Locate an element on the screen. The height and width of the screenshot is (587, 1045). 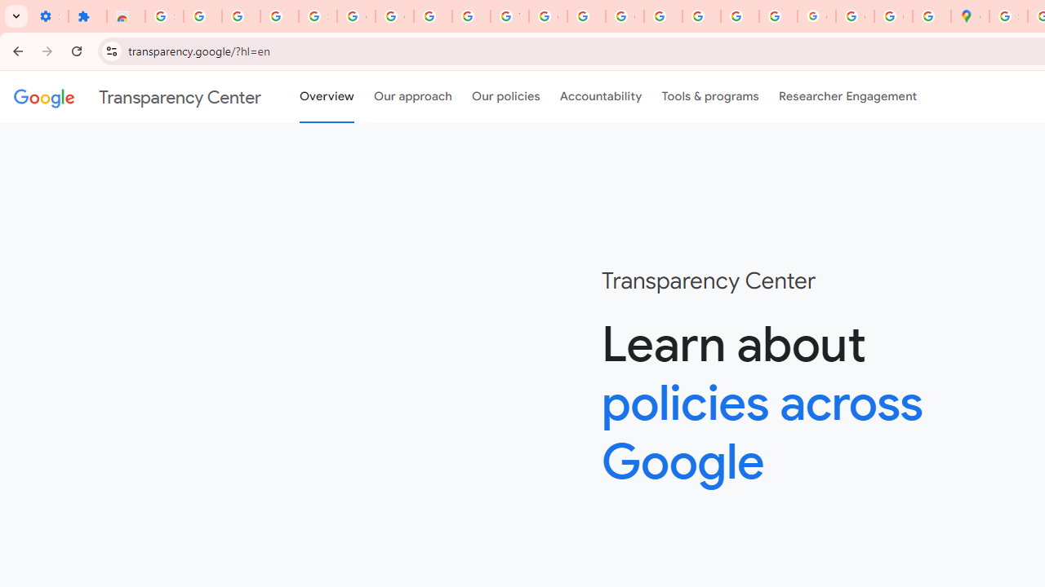
'Google Account Help' is located at coordinates (394, 16).